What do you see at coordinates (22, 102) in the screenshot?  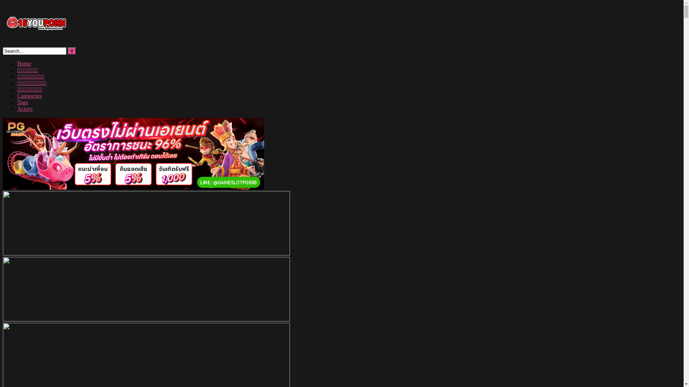 I see `'Tags'` at bounding box center [22, 102].